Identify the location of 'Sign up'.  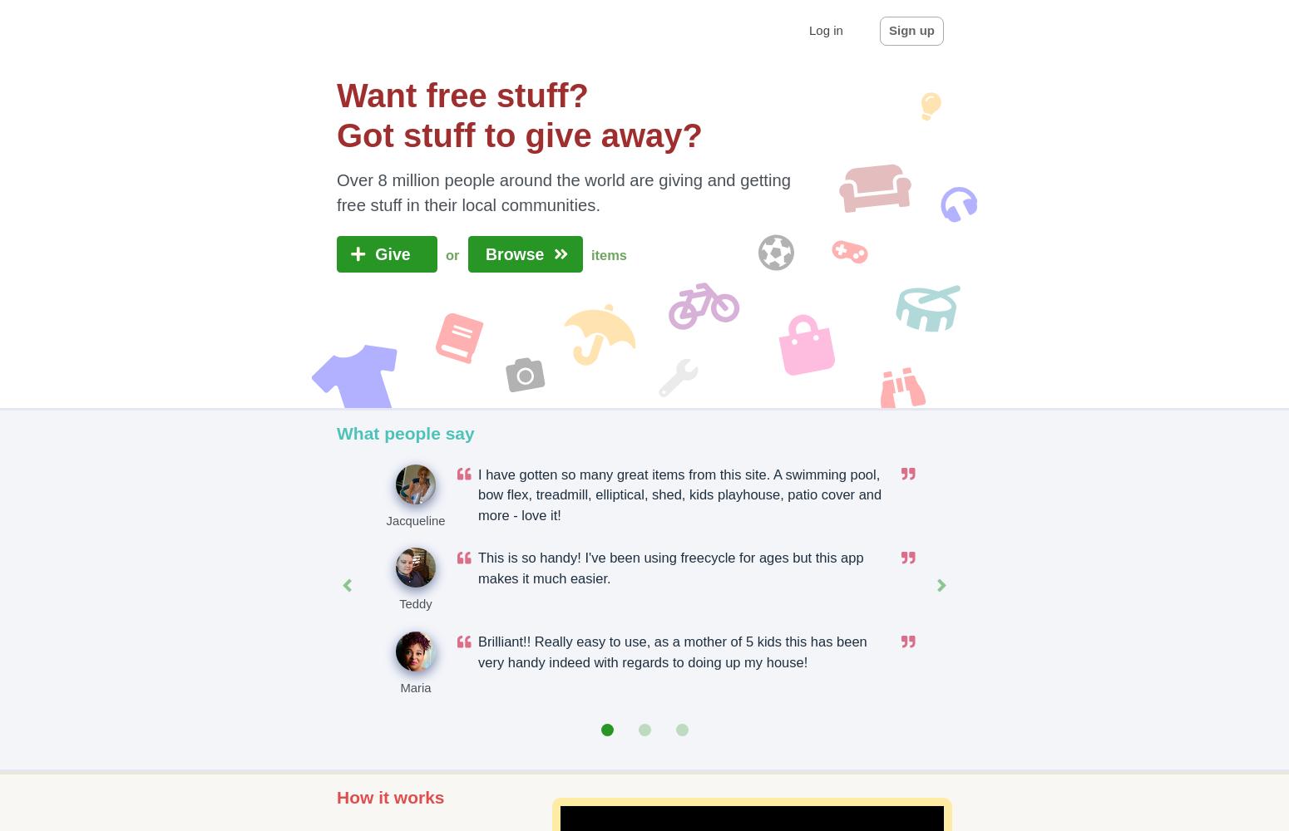
(911, 30).